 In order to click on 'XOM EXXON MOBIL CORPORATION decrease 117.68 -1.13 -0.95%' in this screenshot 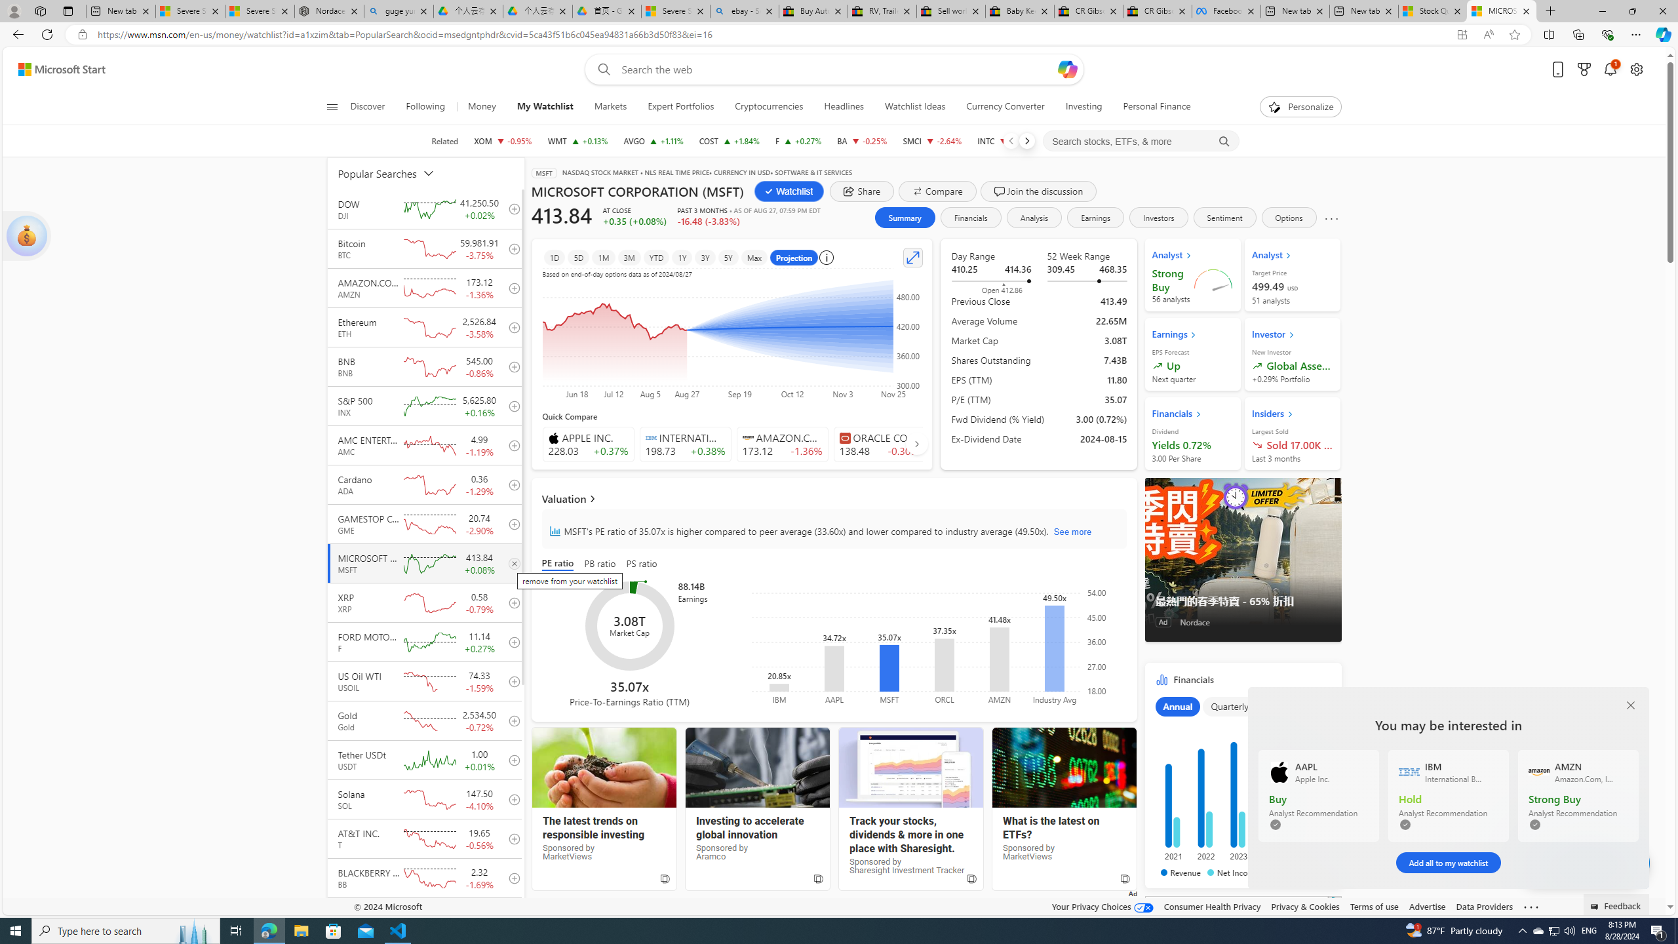, I will do `click(503, 140)`.